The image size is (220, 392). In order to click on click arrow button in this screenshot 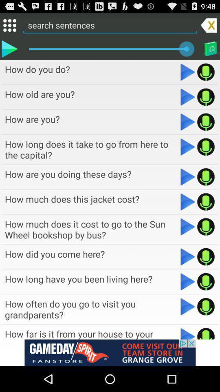, I will do `click(188, 121)`.